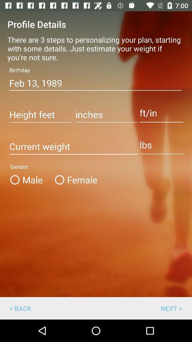 This screenshot has width=192, height=342. I want to click on the icon next to the < back icon, so click(171, 308).